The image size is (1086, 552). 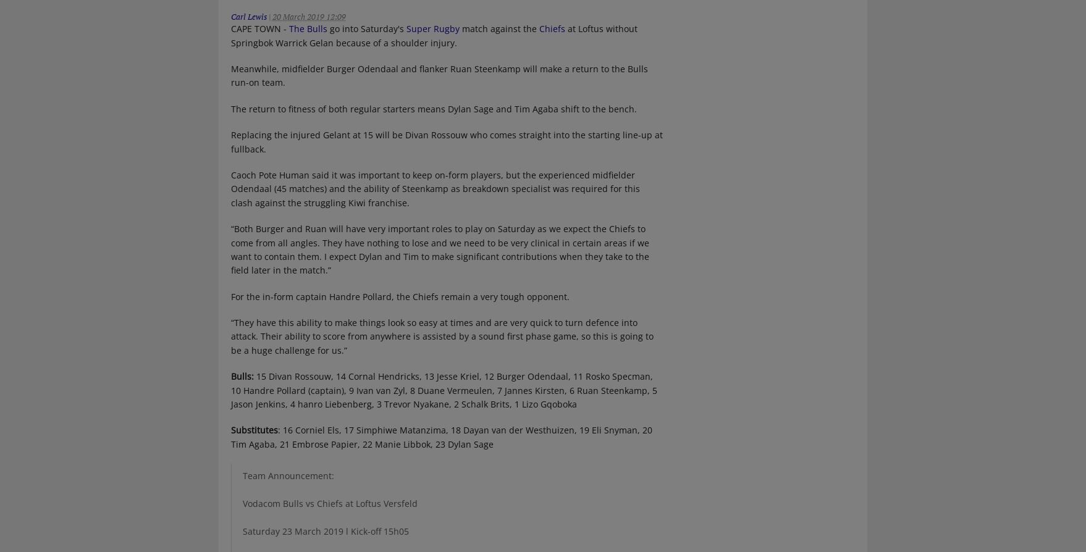 I want to click on 'Bulls:', so click(x=243, y=376).